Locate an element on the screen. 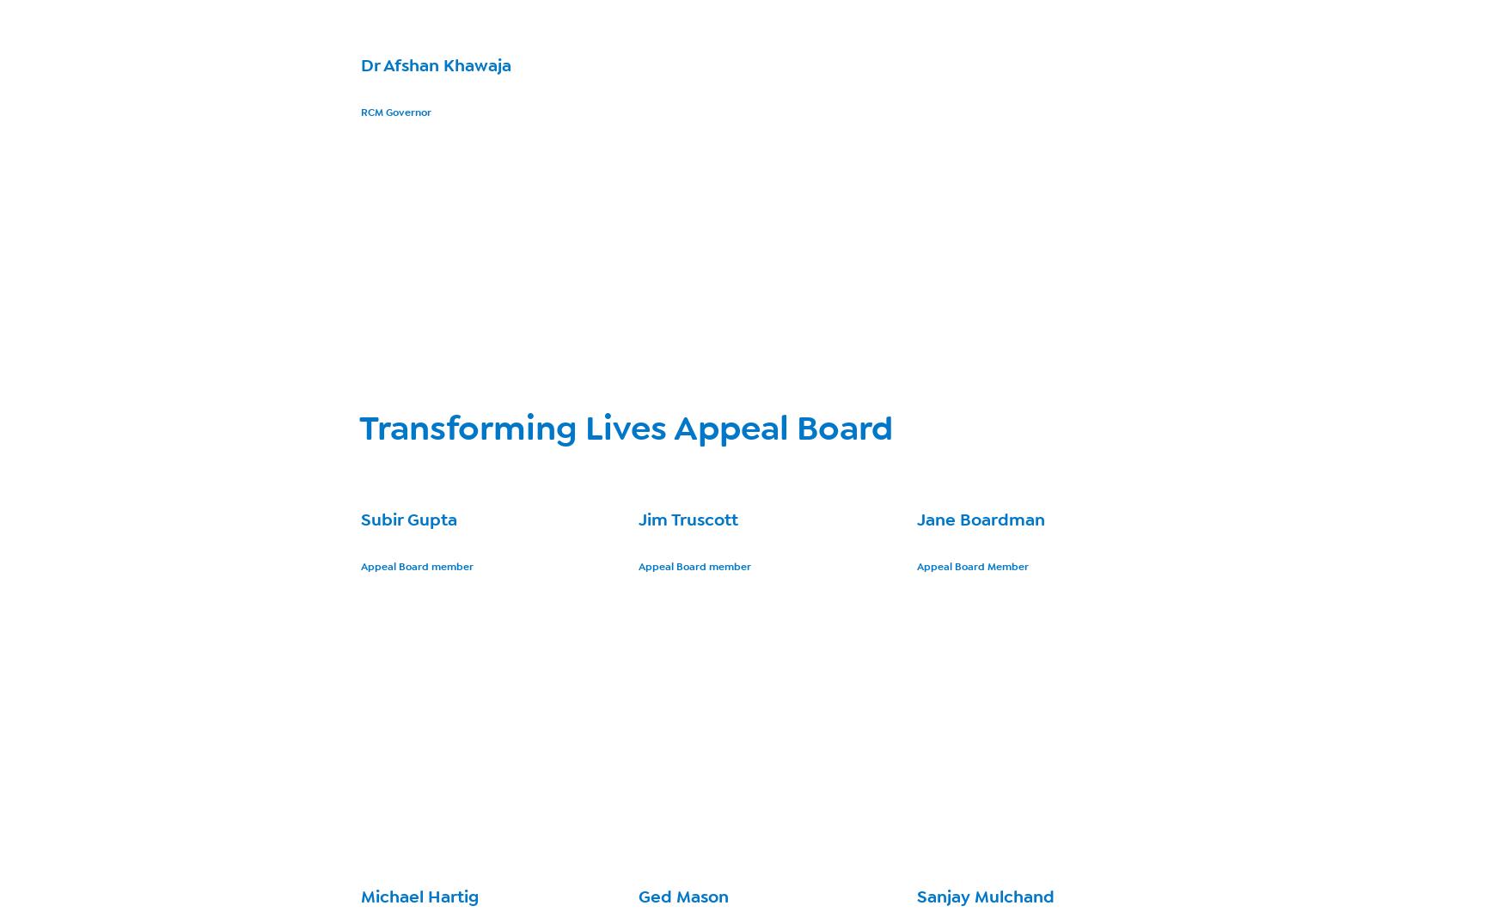 The image size is (1504, 924). 'Appeal Board Member' is located at coordinates (971, 566).